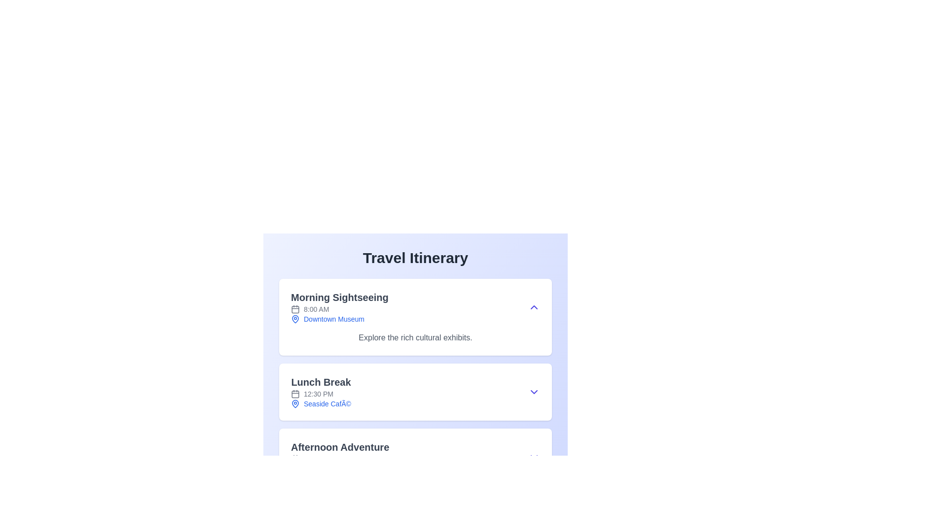 The image size is (947, 532). Describe the element at coordinates (321, 393) in the screenshot. I see `displayed time associated with the 'Lunch Break' activity, located in the section labeled 'Lunch Break' below the main title and above 'Seaside Café'` at that location.